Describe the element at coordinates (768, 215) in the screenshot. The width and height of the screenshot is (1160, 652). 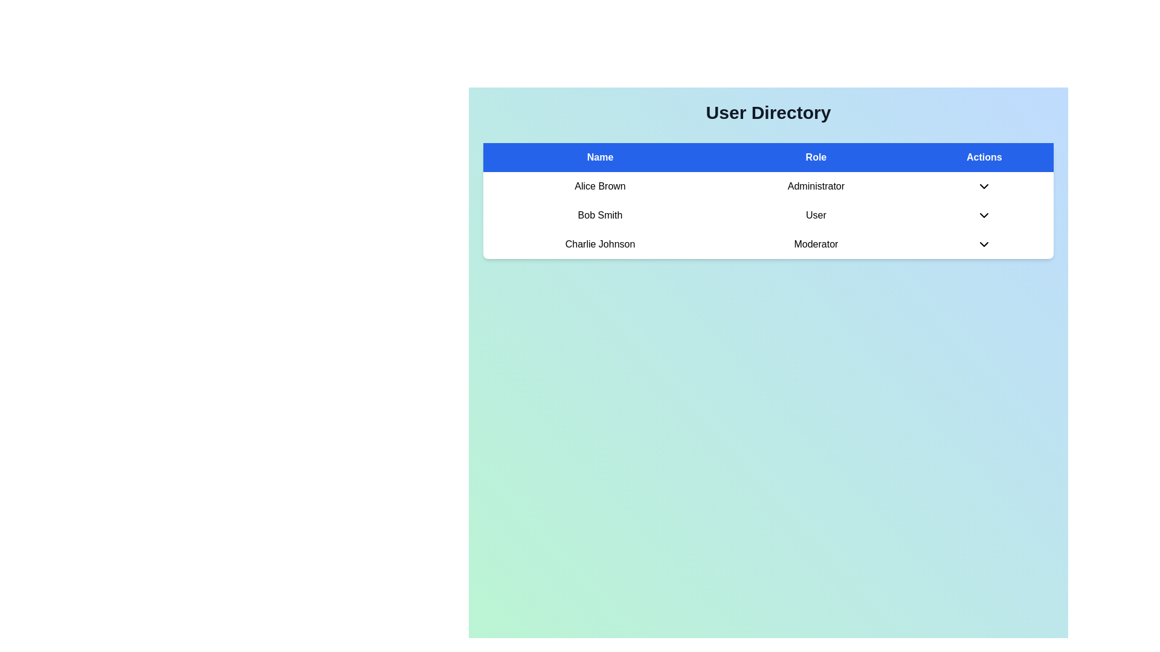
I see `user information for 'Bob Smith' in the user information row with an actionable dropdown, located in the second row of the user directory` at that location.